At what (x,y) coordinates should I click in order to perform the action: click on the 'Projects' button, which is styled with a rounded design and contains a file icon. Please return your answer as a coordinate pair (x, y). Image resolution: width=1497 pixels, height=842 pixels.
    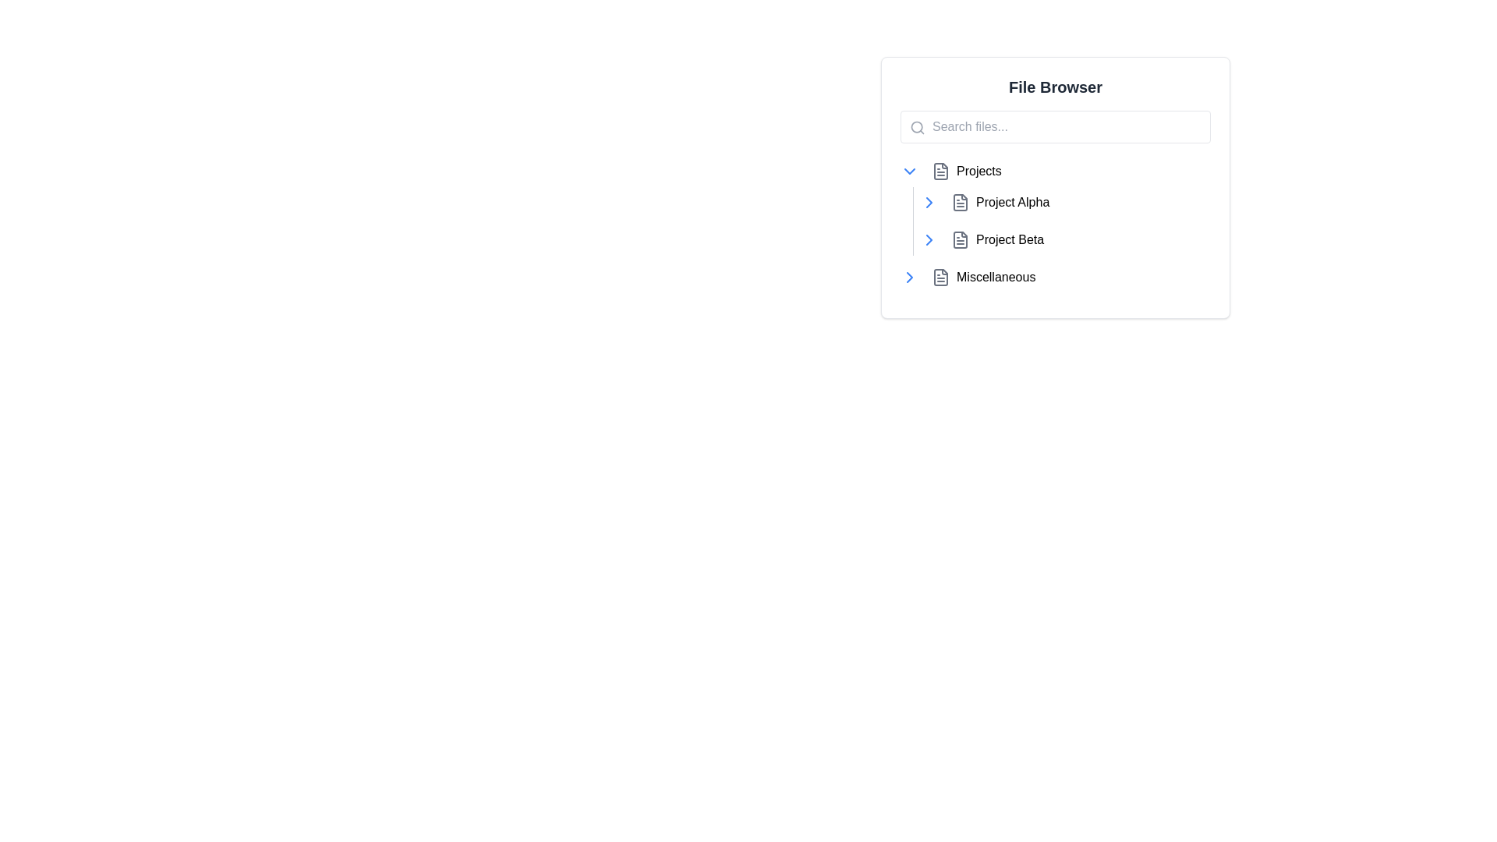
    Looking at the image, I should click on (965, 171).